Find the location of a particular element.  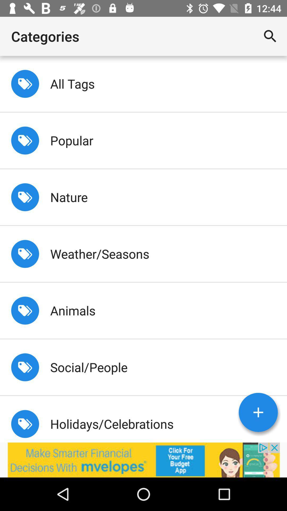

the advertisement is located at coordinates (143, 460).